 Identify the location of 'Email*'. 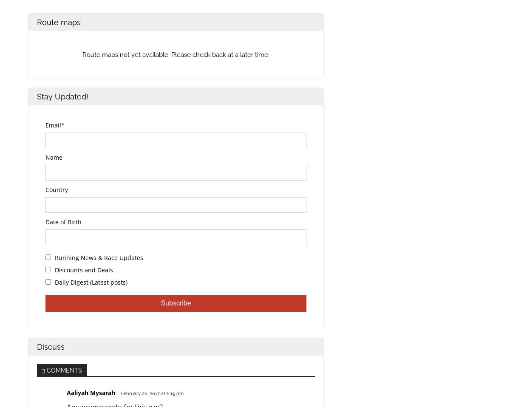
(55, 125).